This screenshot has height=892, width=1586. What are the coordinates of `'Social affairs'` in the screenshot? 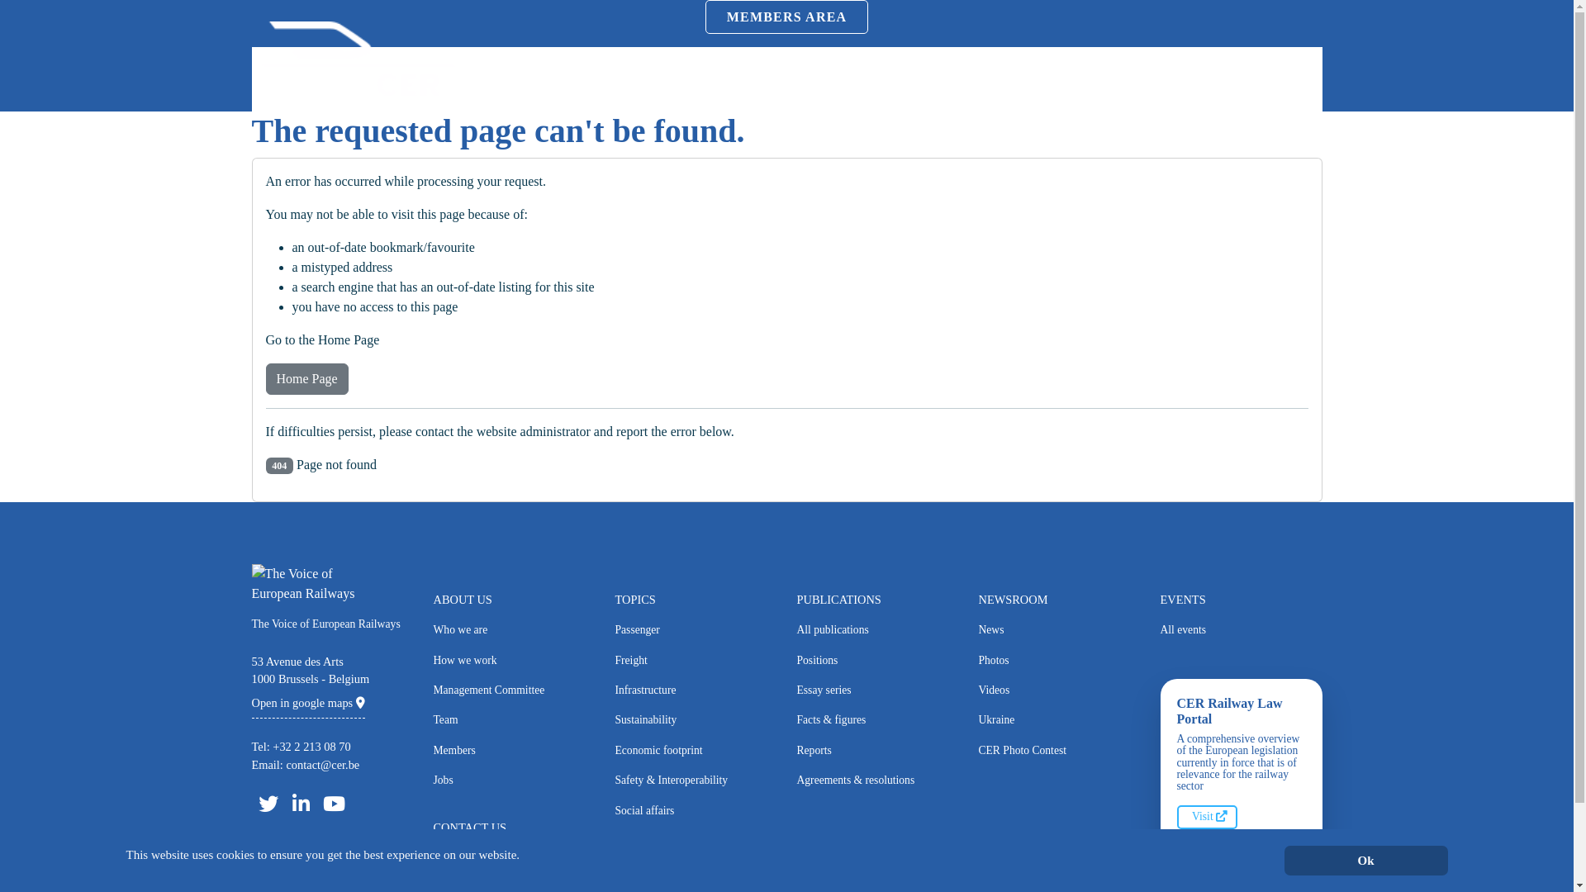 It's located at (614, 810).